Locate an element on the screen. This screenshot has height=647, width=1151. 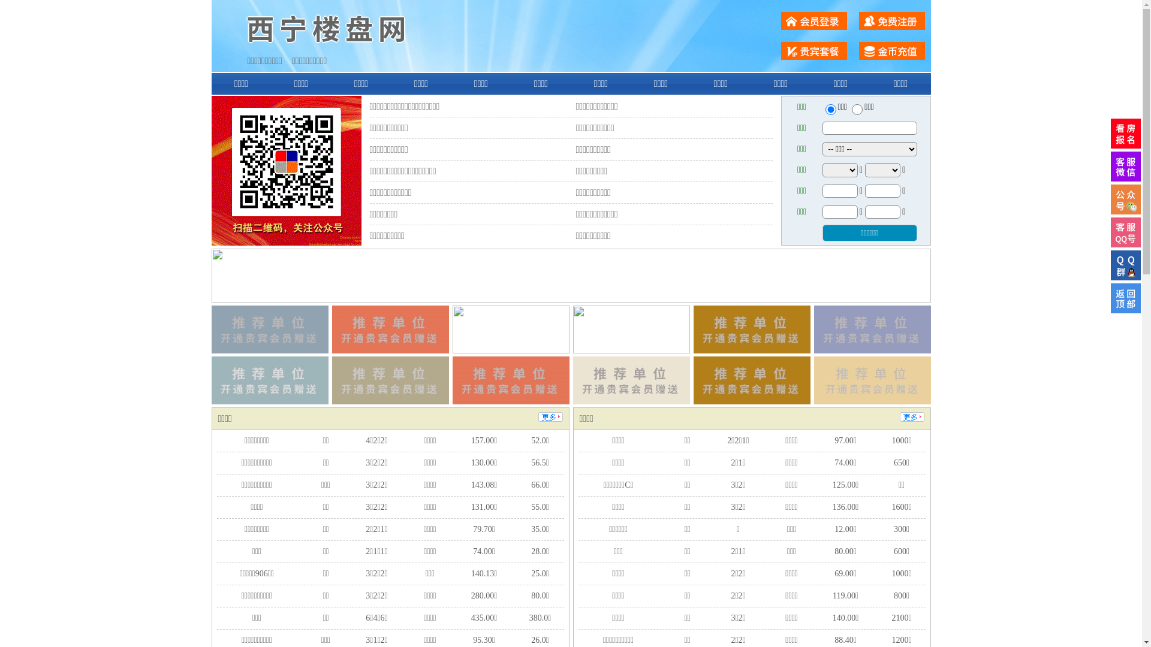
'ershou' is located at coordinates (830, 109).